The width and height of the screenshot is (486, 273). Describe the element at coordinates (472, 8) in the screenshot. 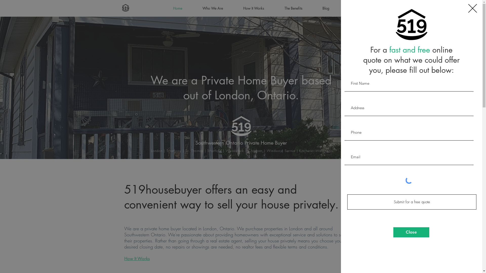

I see `'Back to site'` at that location.